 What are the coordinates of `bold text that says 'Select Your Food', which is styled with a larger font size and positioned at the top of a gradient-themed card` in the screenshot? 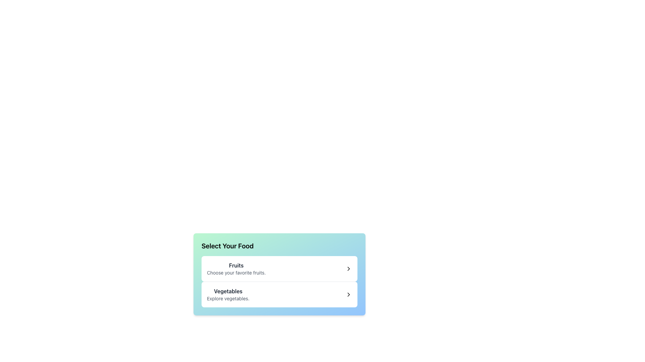 It's located at (227, 246).